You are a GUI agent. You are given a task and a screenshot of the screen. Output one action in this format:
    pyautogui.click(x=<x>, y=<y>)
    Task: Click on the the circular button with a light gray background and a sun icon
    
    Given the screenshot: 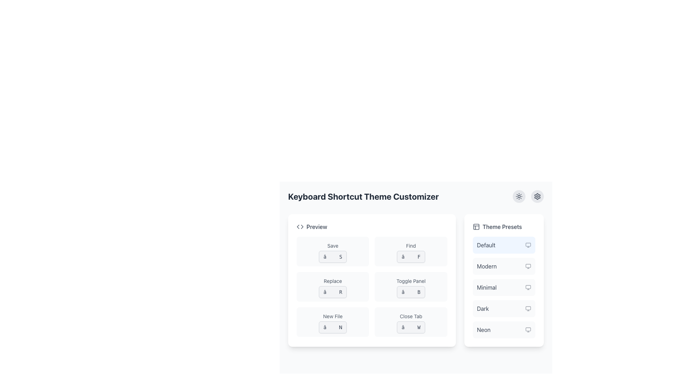 What is the action you would take?
    pyautogui.click(x=519, y=196)
    